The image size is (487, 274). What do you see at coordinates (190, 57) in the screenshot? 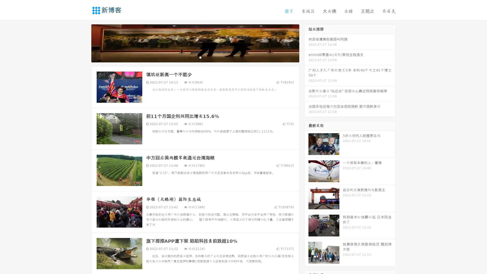
I see `Go to slide 1` at bounding box center [190, 57].